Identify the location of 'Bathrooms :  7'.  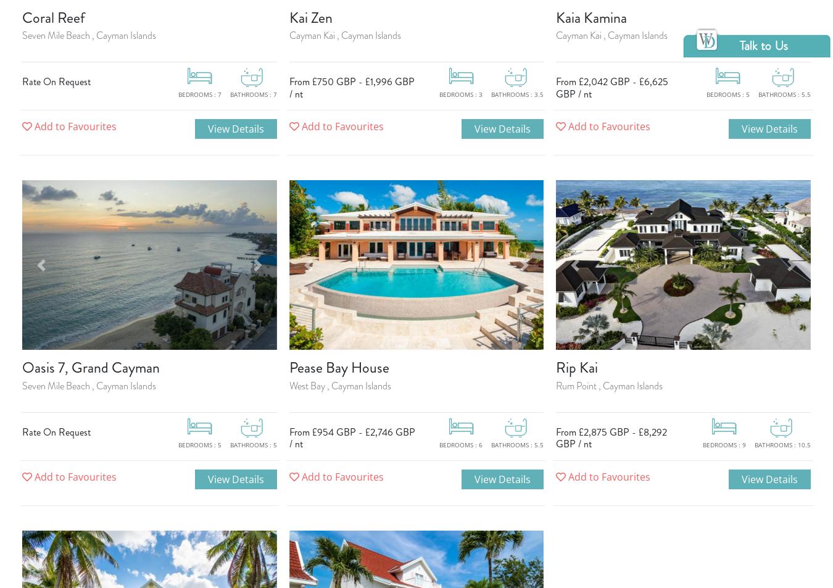
(230, 93).